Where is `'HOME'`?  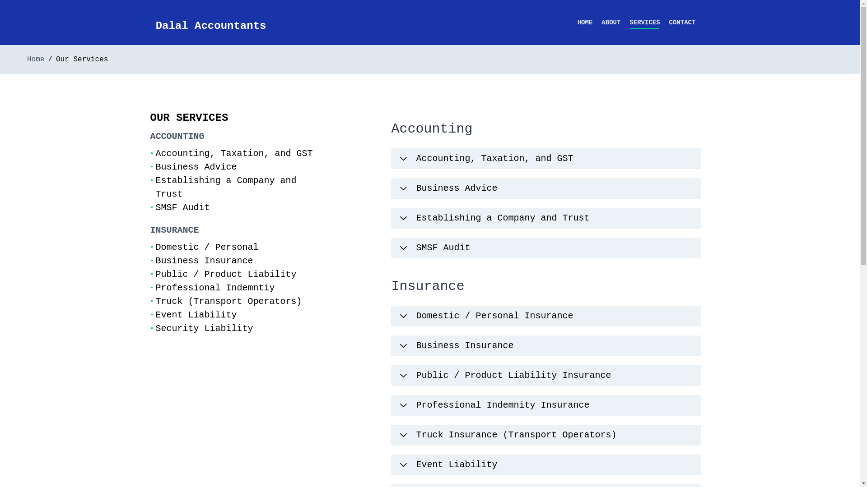
'HOME' is located at coordinates (577, 22).